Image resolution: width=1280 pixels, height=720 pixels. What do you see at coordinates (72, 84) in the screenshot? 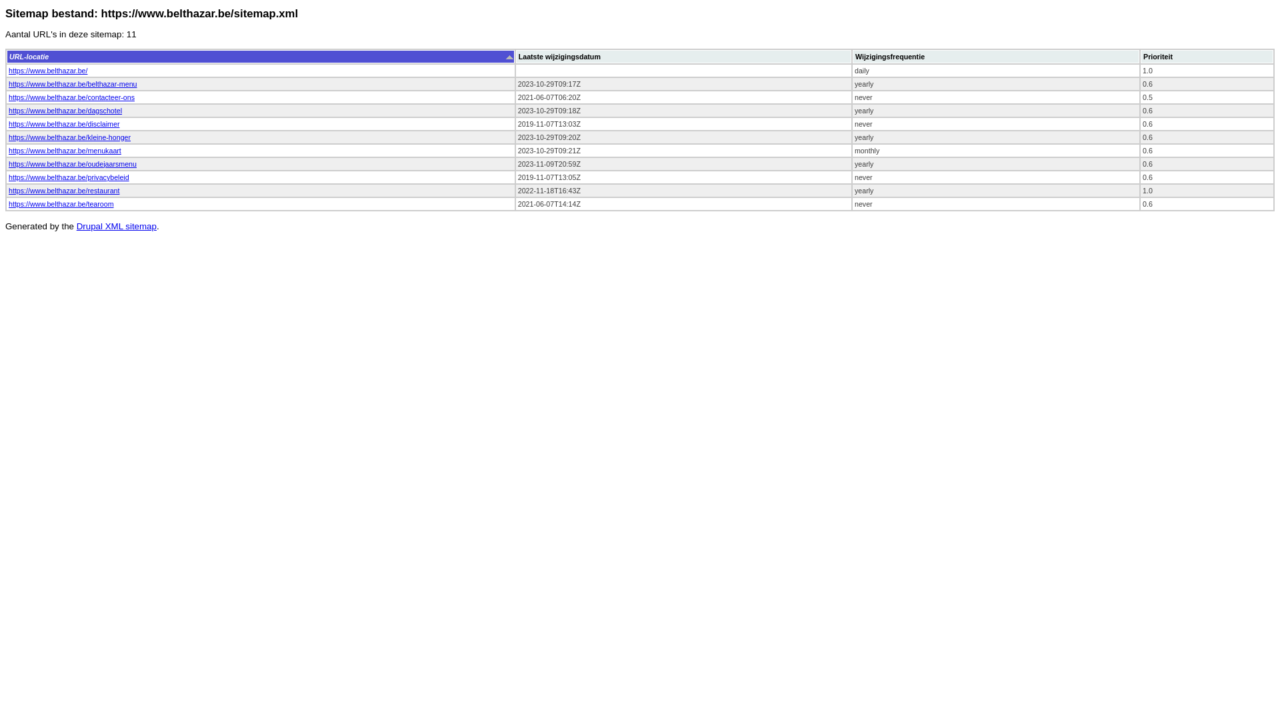
I see `'https://www.belthazar.be/belthazar-menu'` at bounding box center [72, 84].